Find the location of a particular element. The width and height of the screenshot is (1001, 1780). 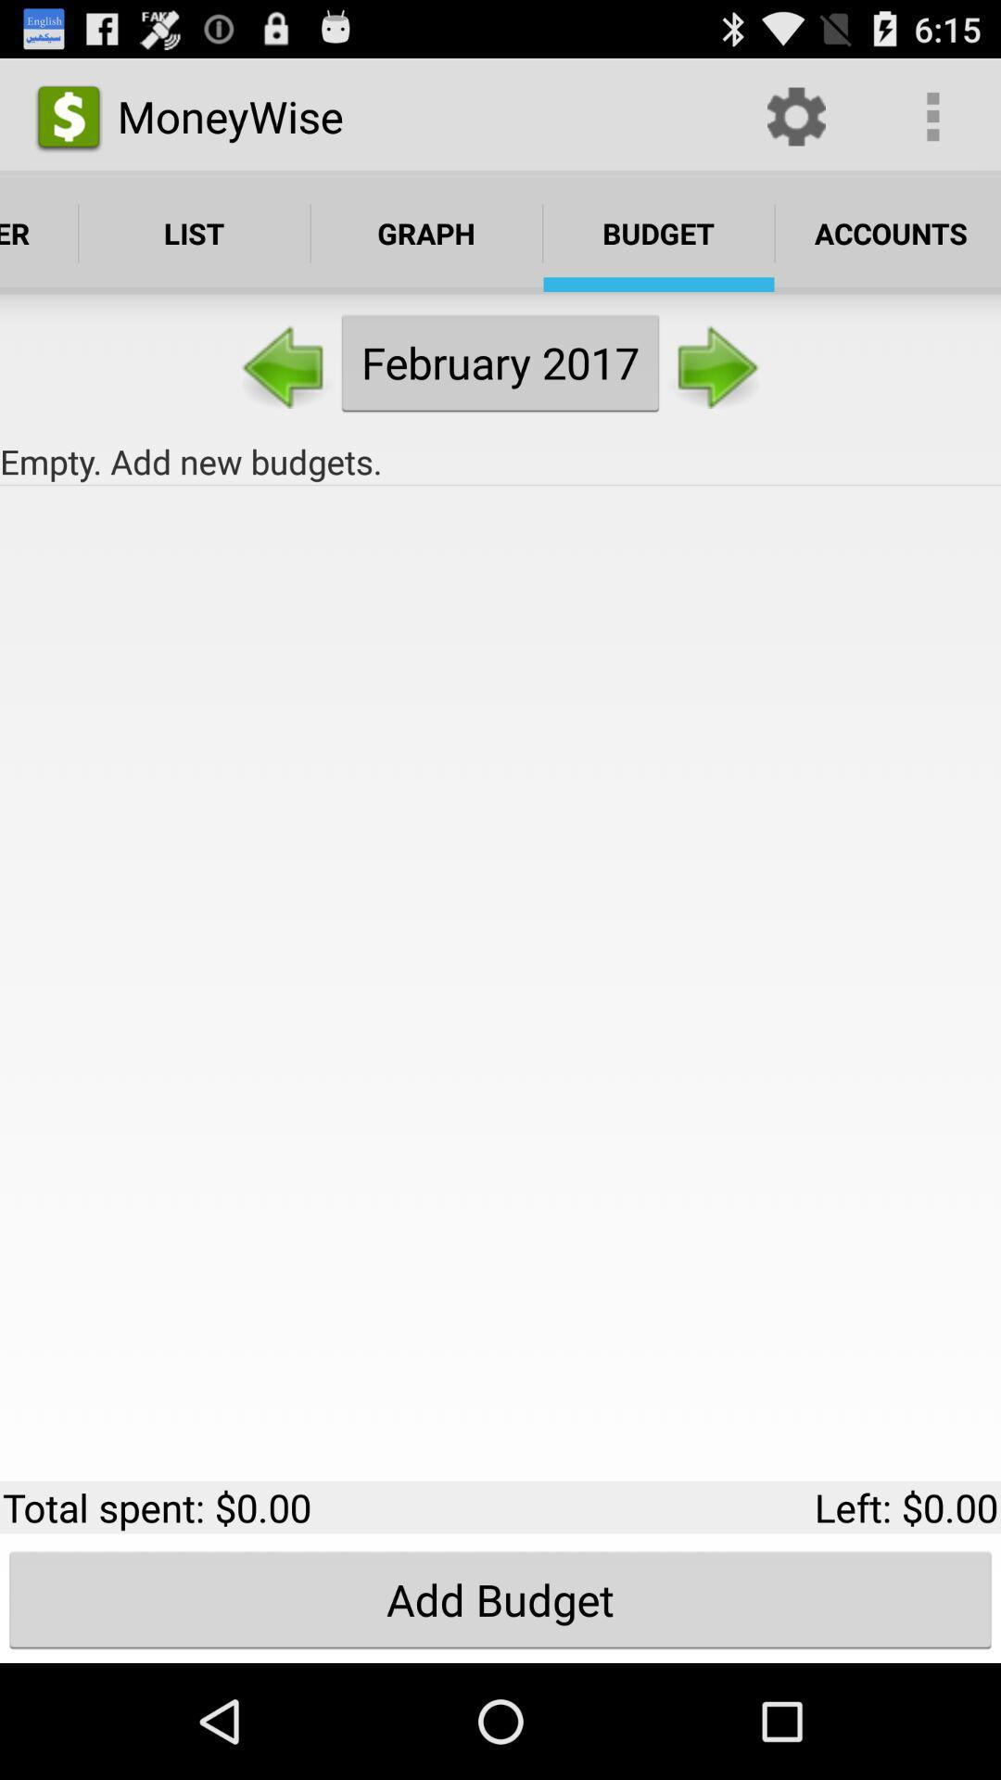

the icon below the total spent 0 icon is located at coordinates (500, 1598).